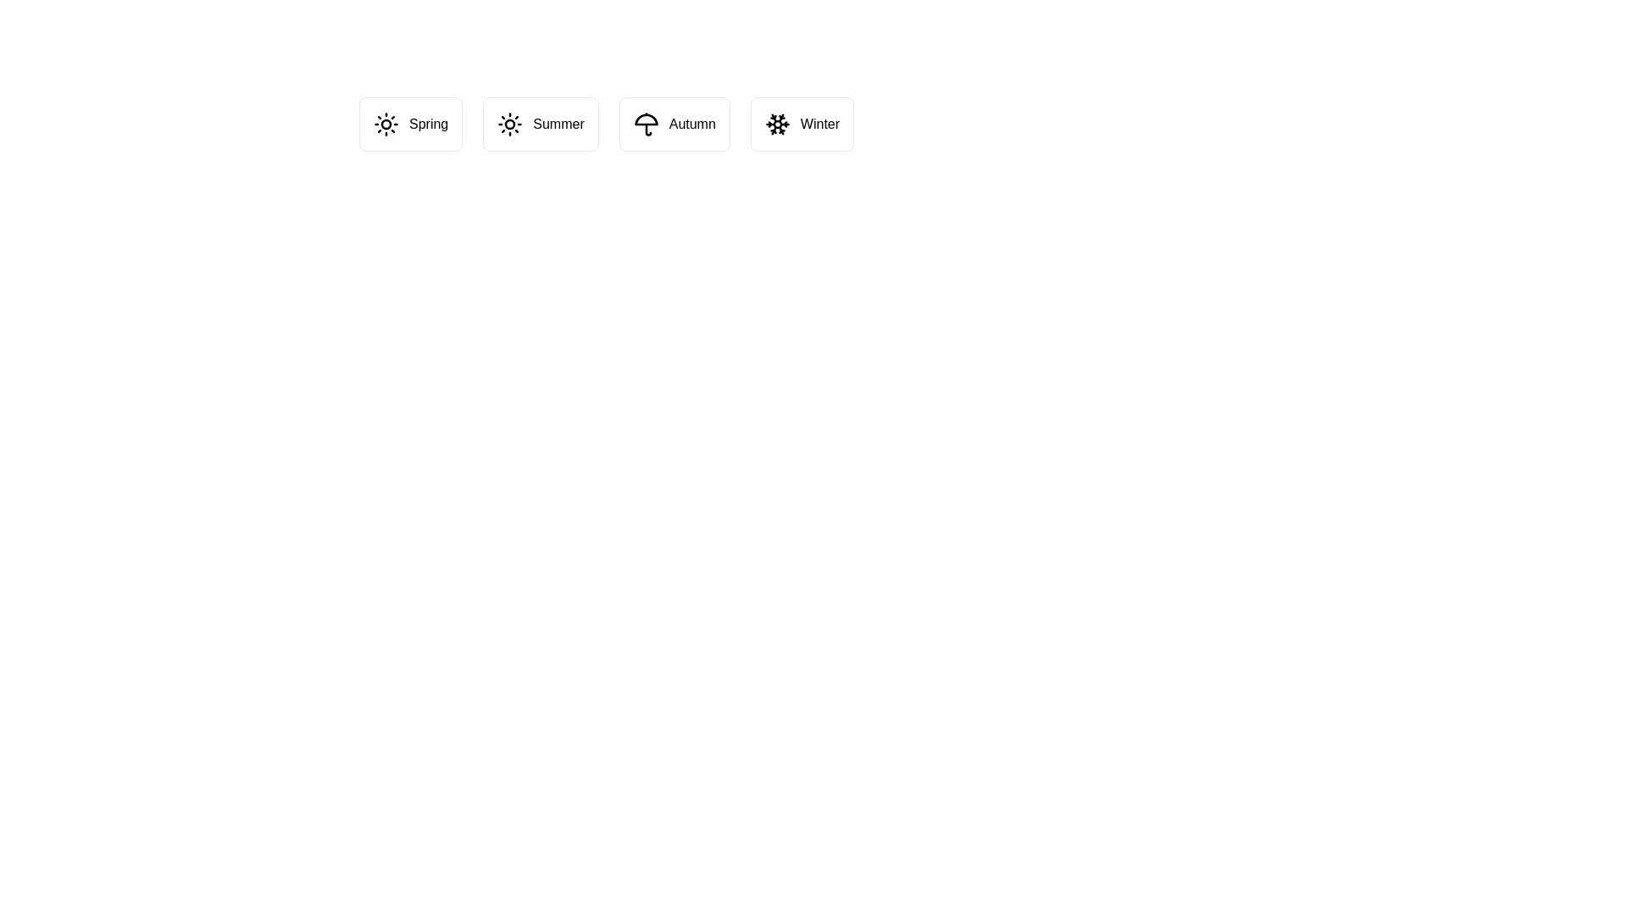 This screenshot has height=915, width=1627. I want to click on the upper semi-circular part of the umbrella icon within the button labeled 'Autumn', which is the third button in a row of four seasonal buttons, so click(645, 119).